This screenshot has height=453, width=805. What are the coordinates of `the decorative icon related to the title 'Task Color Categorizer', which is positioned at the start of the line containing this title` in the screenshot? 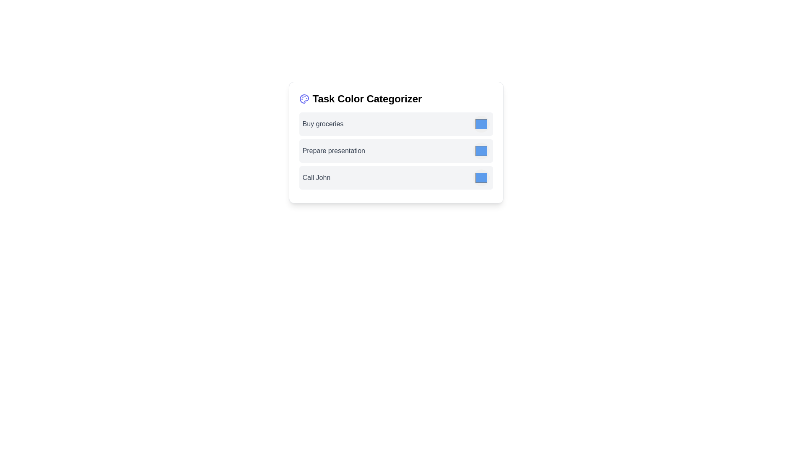 It's located at (304, 98).